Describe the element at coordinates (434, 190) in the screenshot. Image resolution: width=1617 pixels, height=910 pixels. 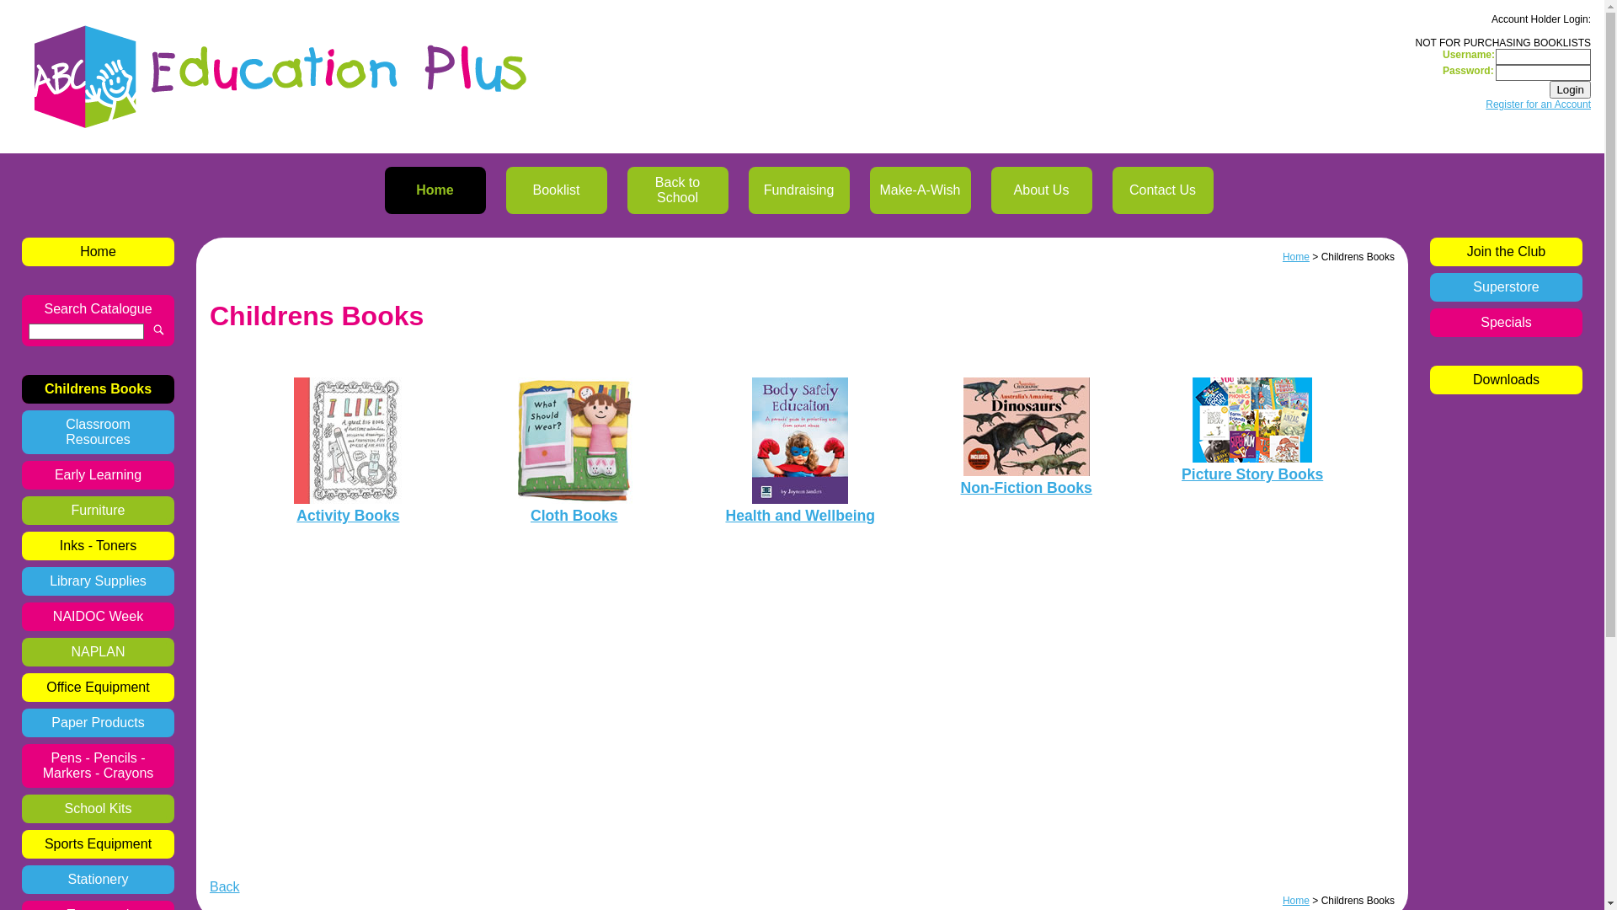
I see `'Home'` at that location.